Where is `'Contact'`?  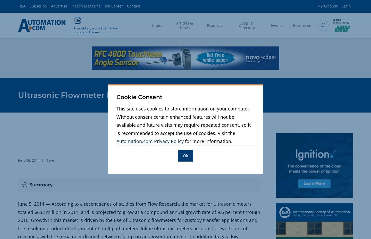 'Contact' is located at coordinates (133, 6).